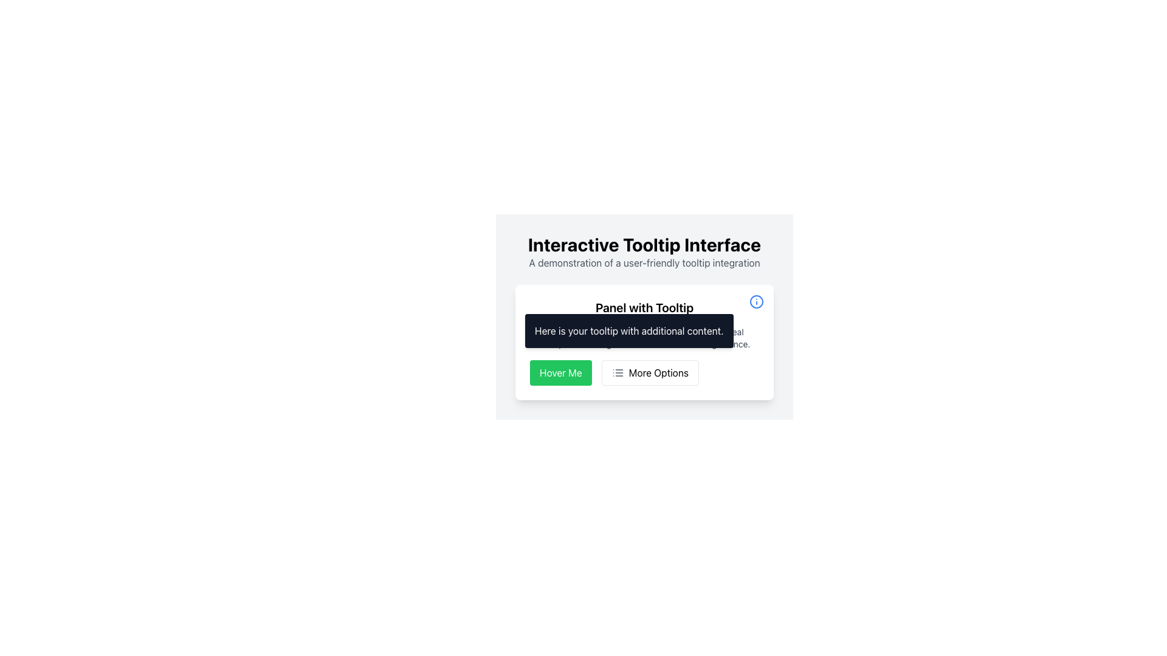 The height and width of the screenshot is (656, 1167). I want to click on the tooltip with a dark gray background and white text stating 'Here is your tooltip with additional content.', so click(629, 330).